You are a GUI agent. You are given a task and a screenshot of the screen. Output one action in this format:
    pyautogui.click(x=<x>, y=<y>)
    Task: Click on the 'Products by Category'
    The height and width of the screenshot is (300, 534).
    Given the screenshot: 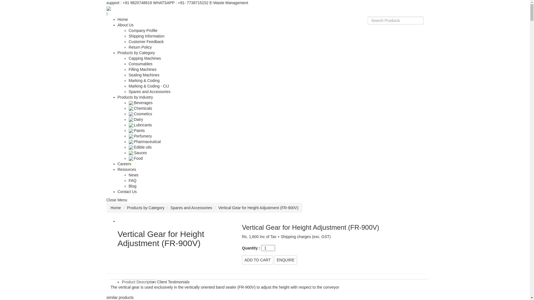 What is the action you would take?
    pyautogui.click(x=136, y=52)
    